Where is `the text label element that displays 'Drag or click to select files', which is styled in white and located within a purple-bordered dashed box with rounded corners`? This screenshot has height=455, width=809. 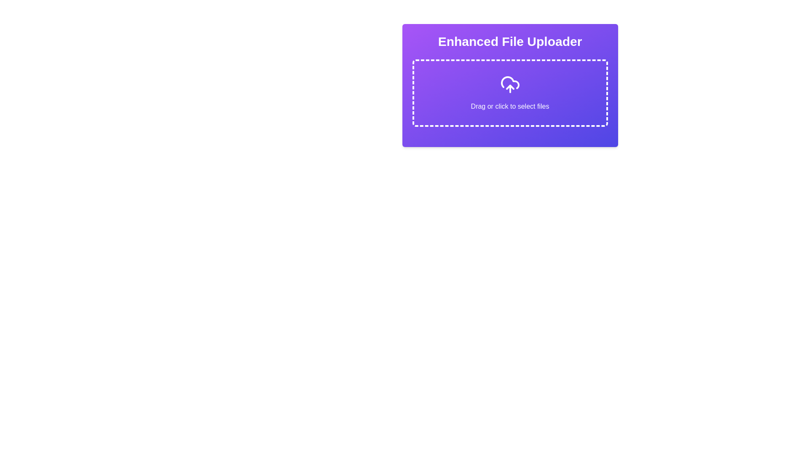
the text label element that displays 'Drag or click to select files', which is styled in white and located within a purple-bordered dashed box with rounded corners is located at coordinates (509, 106).